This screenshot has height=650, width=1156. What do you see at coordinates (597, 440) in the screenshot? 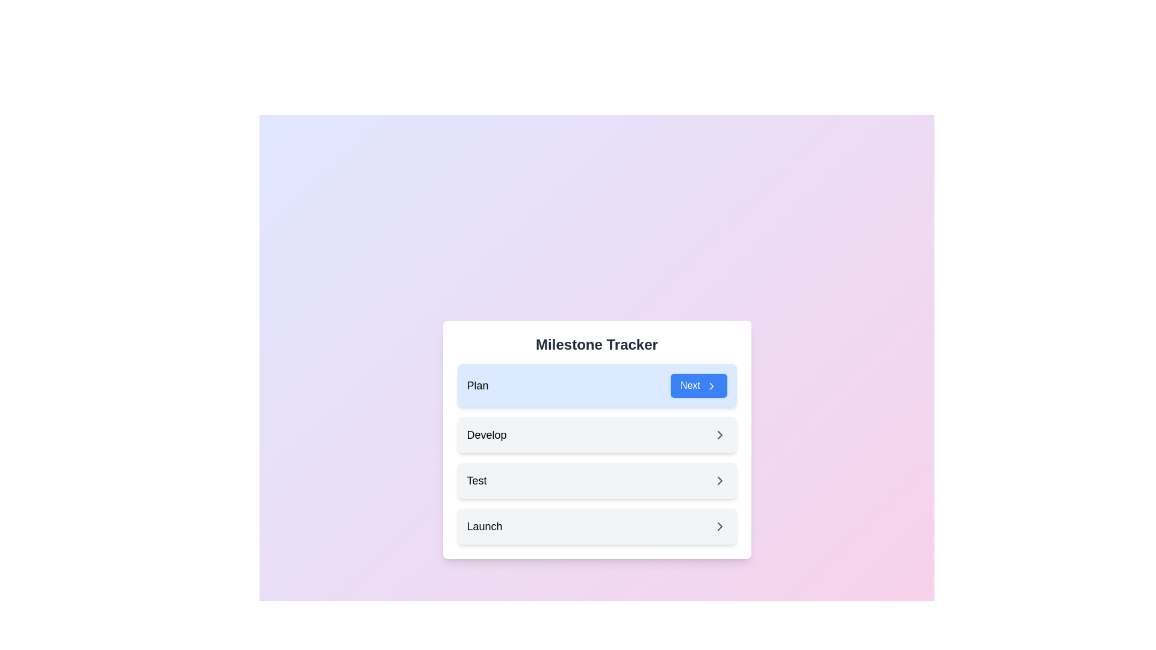
I see `the second Milestone Card named 'Develop' in the Milestone Tracker, positioned between 'Plan' and 'Test'` at bounding box center [597, 440].